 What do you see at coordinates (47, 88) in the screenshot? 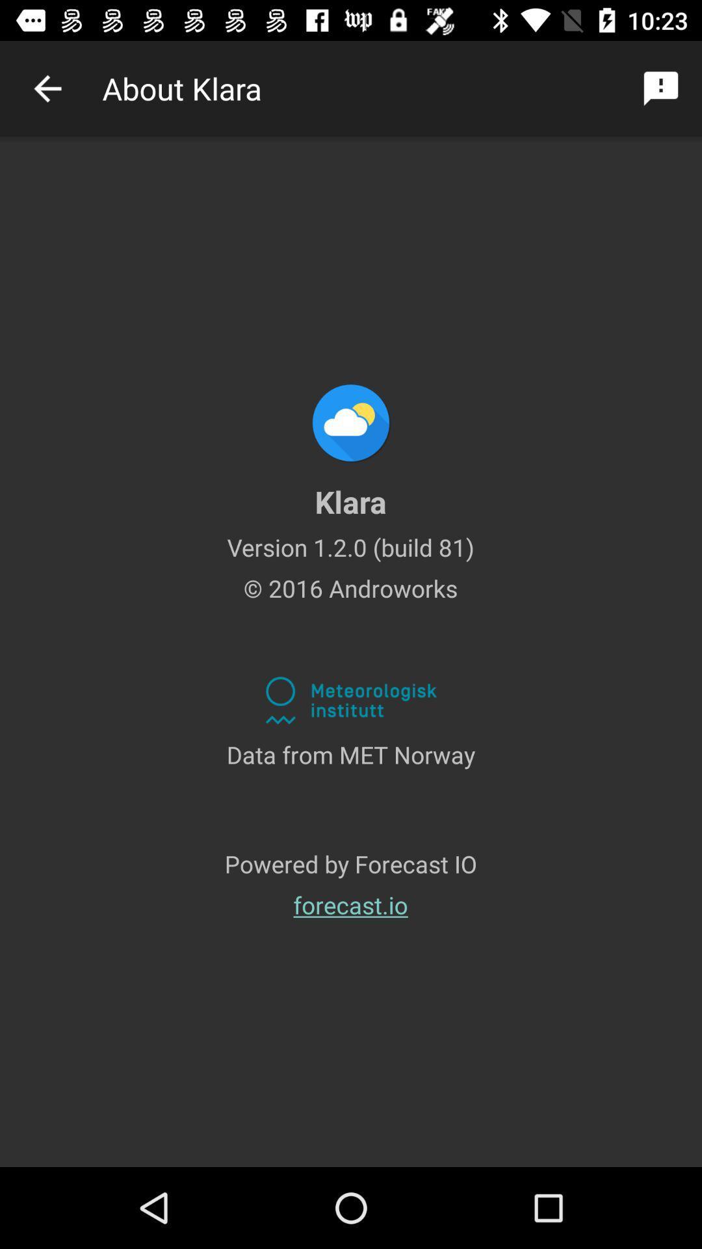
I see `item next to the about klara item` at bounding box center [47, 88].